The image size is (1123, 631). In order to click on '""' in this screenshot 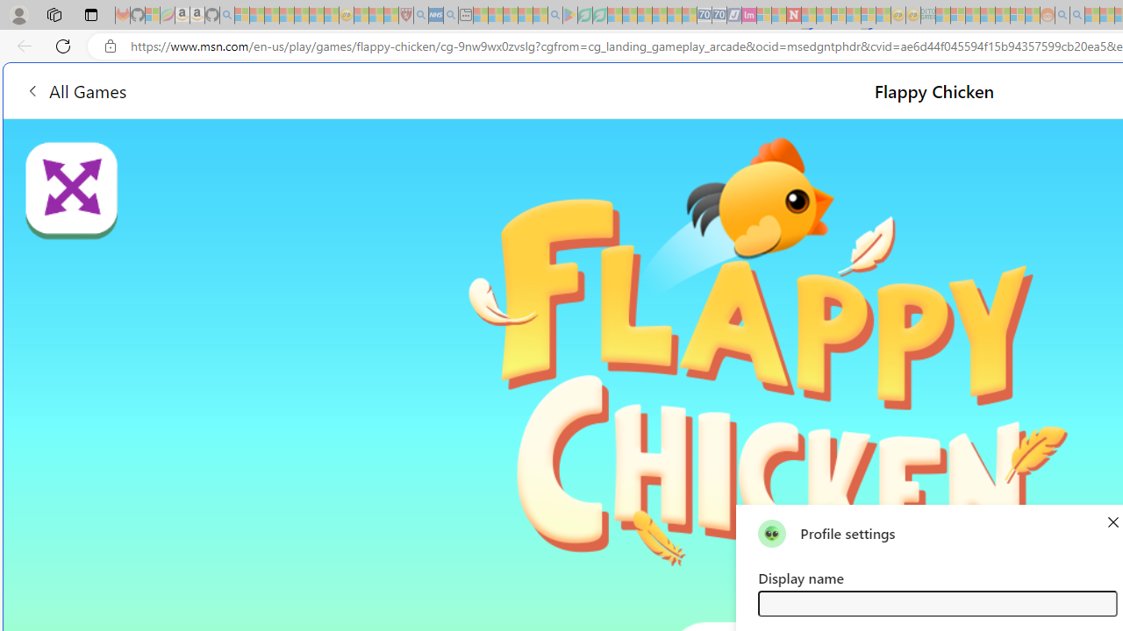, I will do `click(772, 532)`.